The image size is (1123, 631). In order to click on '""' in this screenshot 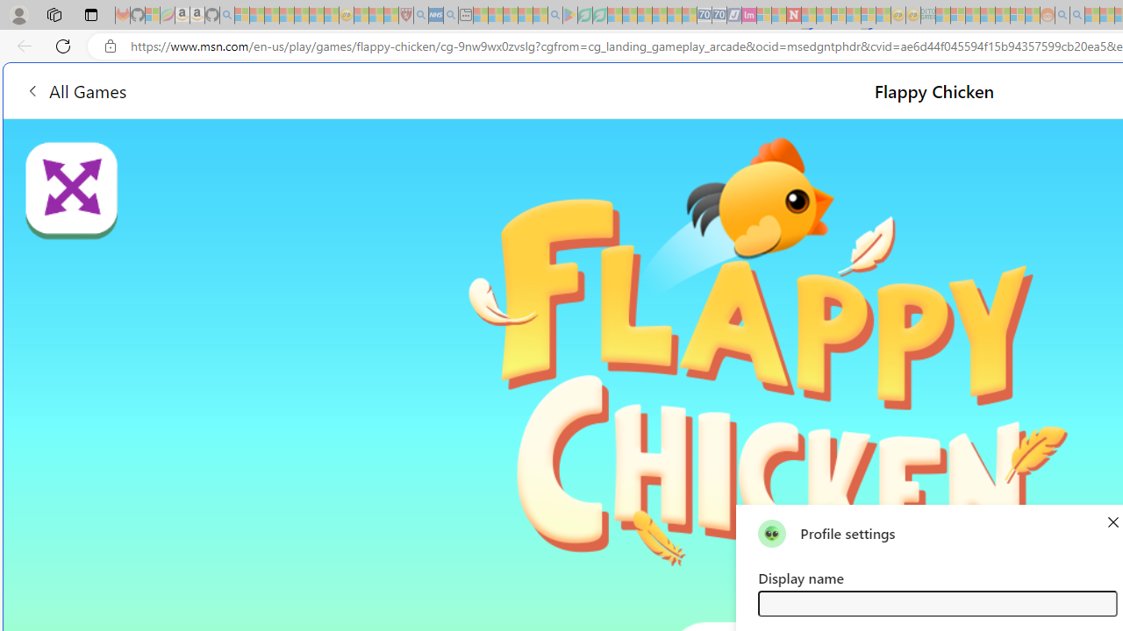, I will do `click(772, 532)`.